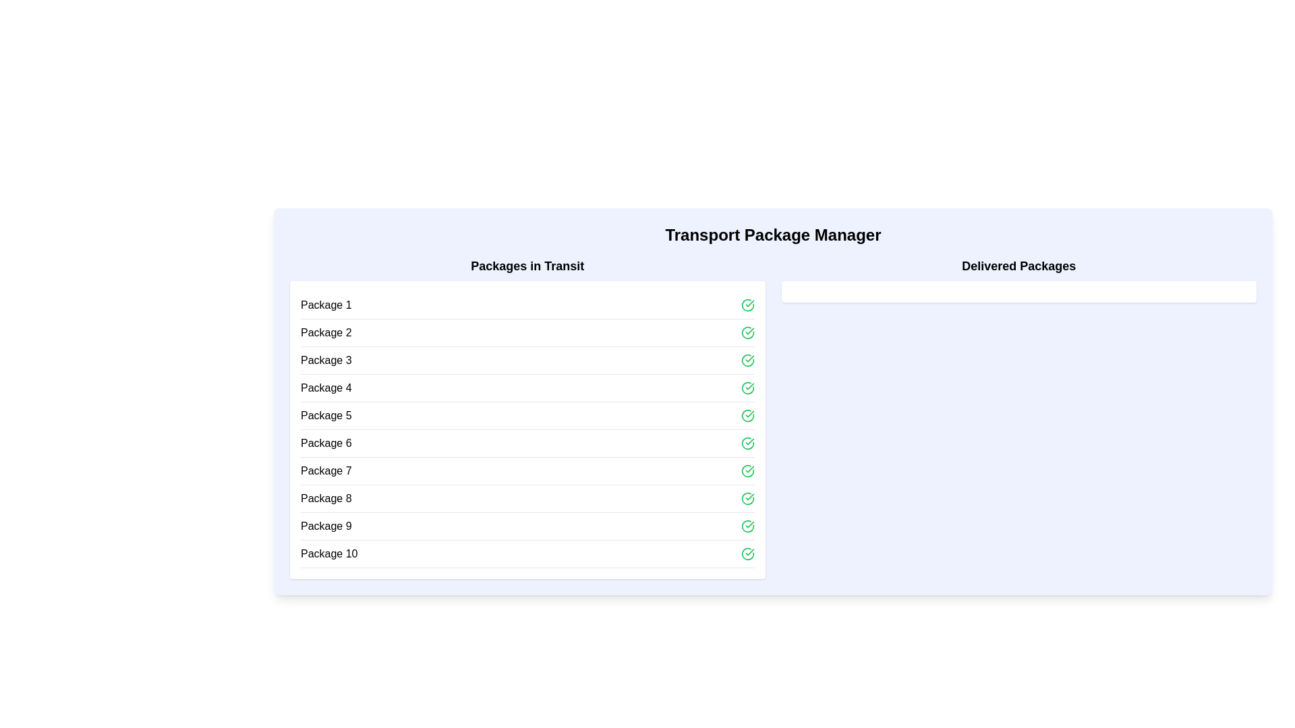  I want to click on on the text label displaying the identification name of the ninth item in the 'Packages in Transit' list, located between 'Package 8' and 'Package 10', so click(326, 525).